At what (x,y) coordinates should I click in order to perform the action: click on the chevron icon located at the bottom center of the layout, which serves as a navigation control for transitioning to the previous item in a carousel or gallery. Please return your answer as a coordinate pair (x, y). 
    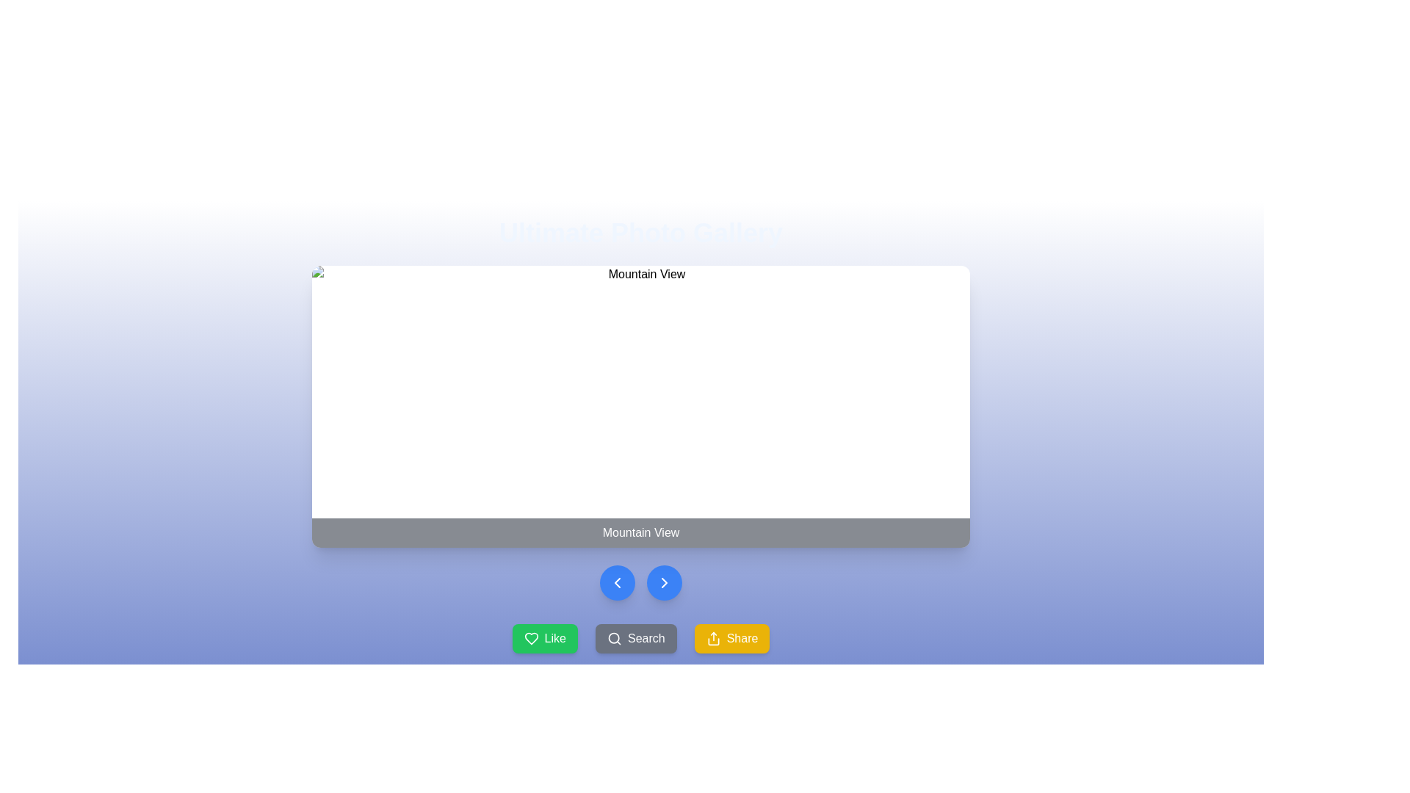
    Looking at the image, I should click on (617, 582).